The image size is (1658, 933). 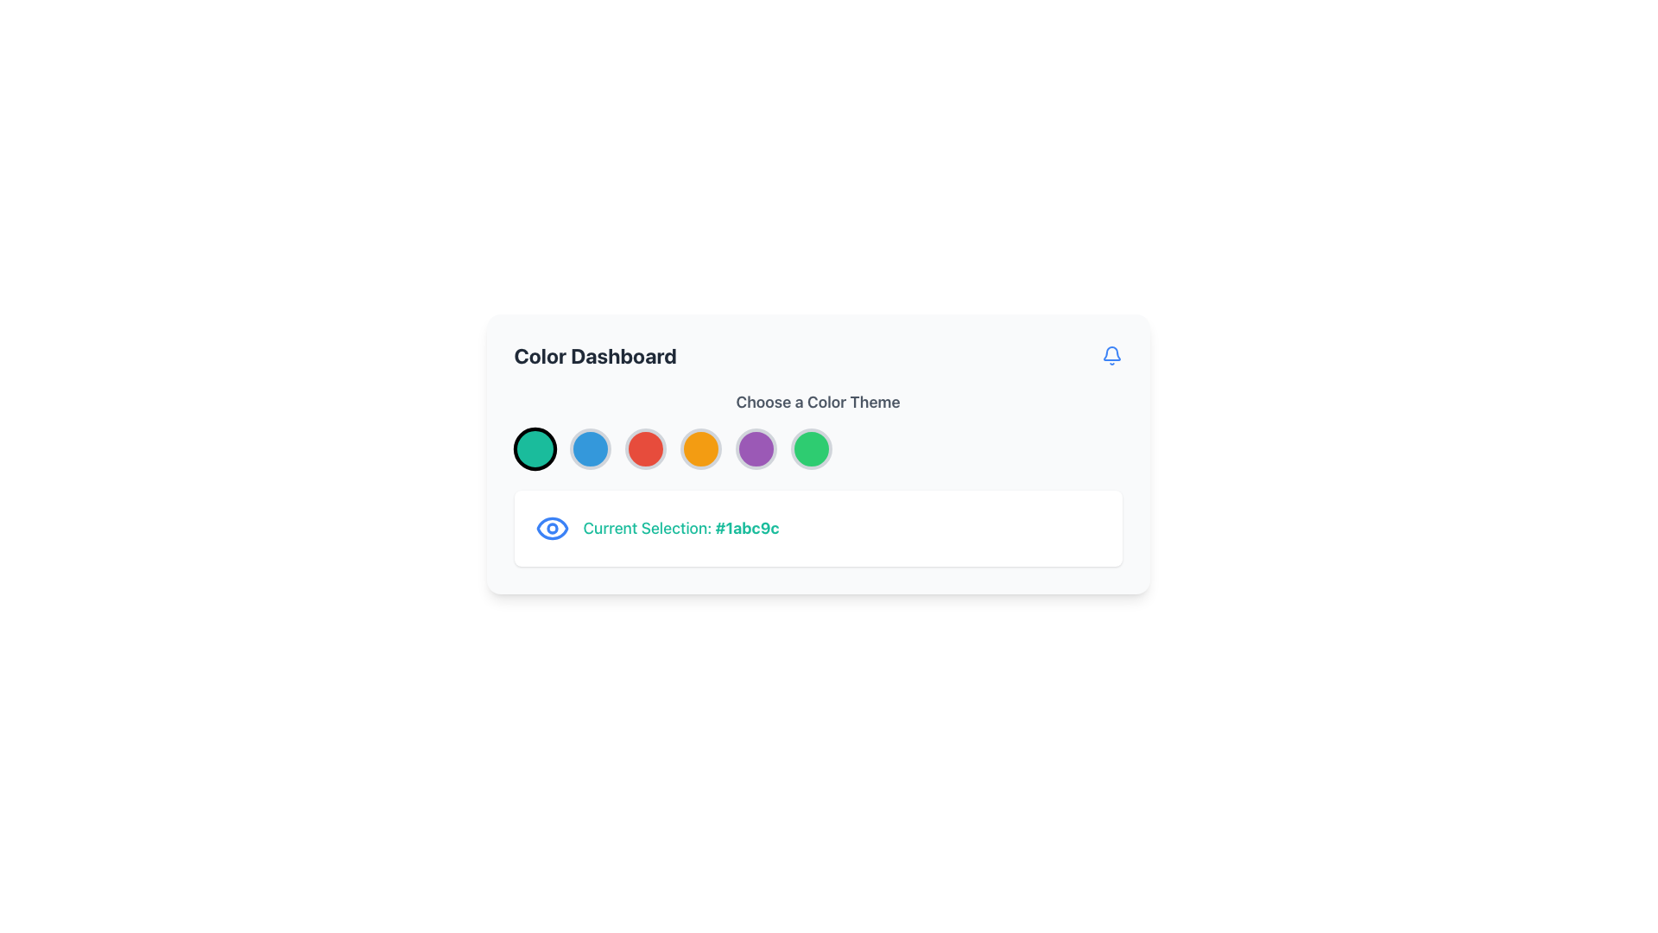 I want to click on the sixth circular button in the 'Choose a Color Theme' section, so click(x=810, y=448).